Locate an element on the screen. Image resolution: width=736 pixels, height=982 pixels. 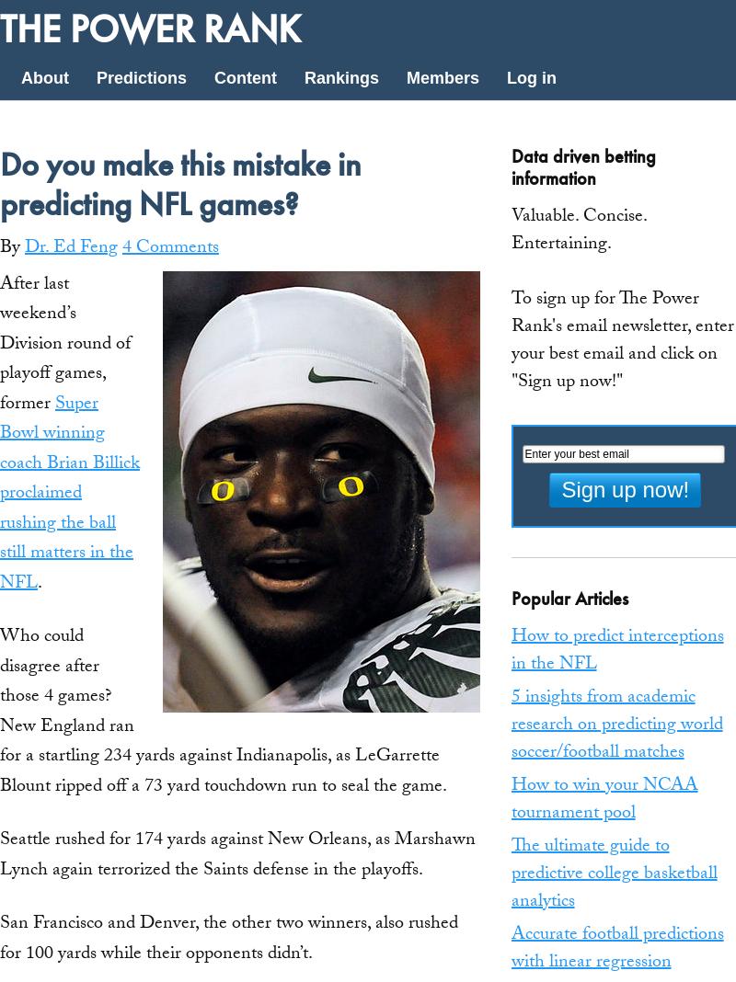
'Super Bowl winning coach Brian Billick proclaimed rushing the ball still matters in the NFL' is located at coordinates (70, 493).